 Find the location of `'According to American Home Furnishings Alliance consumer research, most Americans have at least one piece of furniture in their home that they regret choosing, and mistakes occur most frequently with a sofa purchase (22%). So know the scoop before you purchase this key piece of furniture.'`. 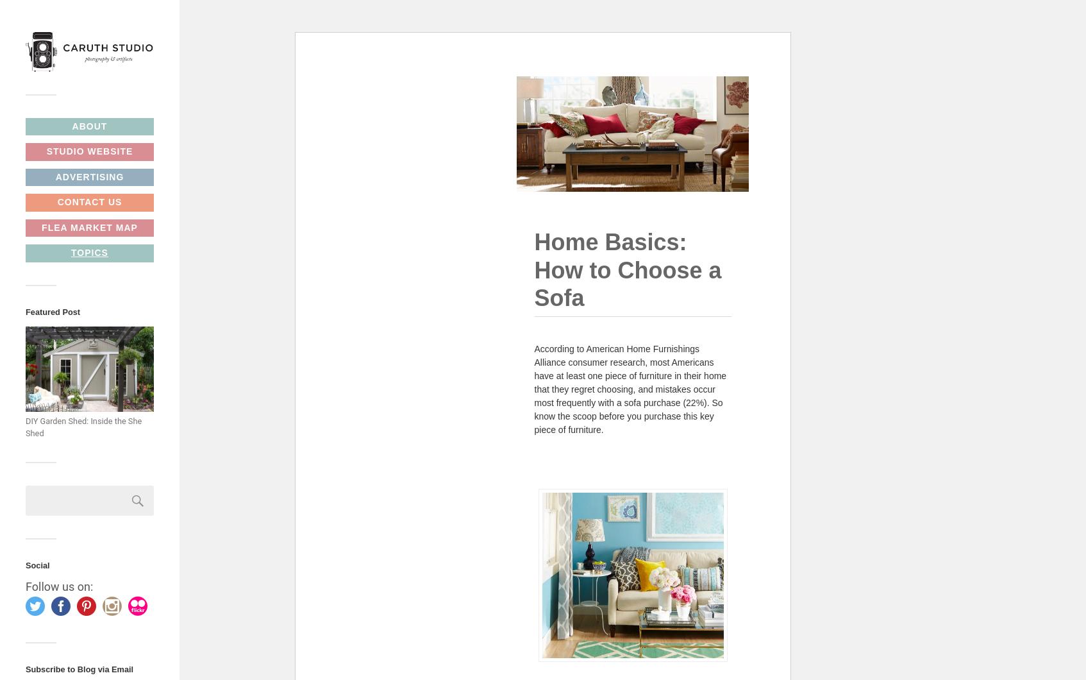

'According to American Home Furnishings Alliance consumer research, most Americans have at least one piece of furniture in their home that they regret choosing, and mistakes occur most frequently with a sofa purchase (22%). So know the scoop before you purchase this key piece of furniture.' is located at coordinates (533, 389).